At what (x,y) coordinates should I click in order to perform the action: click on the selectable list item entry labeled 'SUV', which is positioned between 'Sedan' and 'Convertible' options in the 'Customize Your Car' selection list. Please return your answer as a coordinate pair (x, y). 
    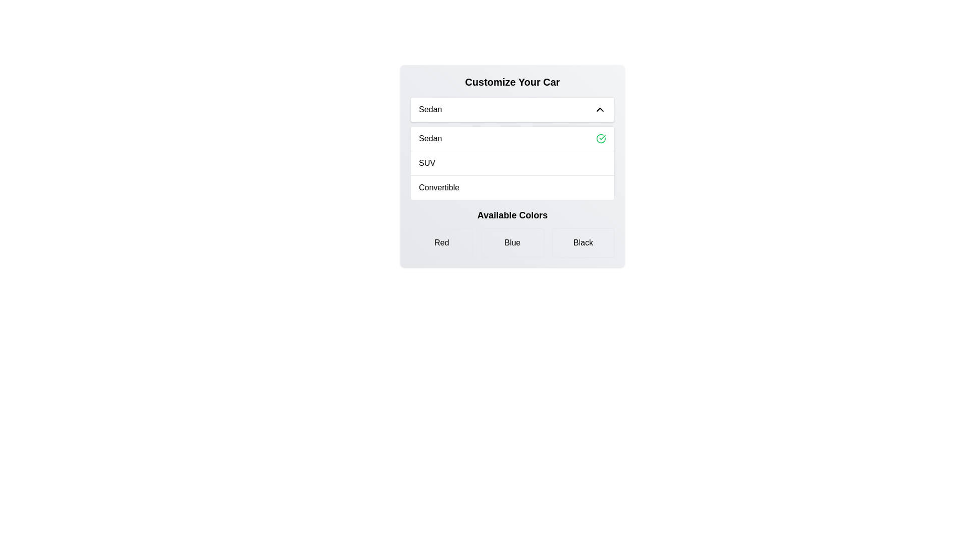
    Looking at the image, I should click on (512, 162).